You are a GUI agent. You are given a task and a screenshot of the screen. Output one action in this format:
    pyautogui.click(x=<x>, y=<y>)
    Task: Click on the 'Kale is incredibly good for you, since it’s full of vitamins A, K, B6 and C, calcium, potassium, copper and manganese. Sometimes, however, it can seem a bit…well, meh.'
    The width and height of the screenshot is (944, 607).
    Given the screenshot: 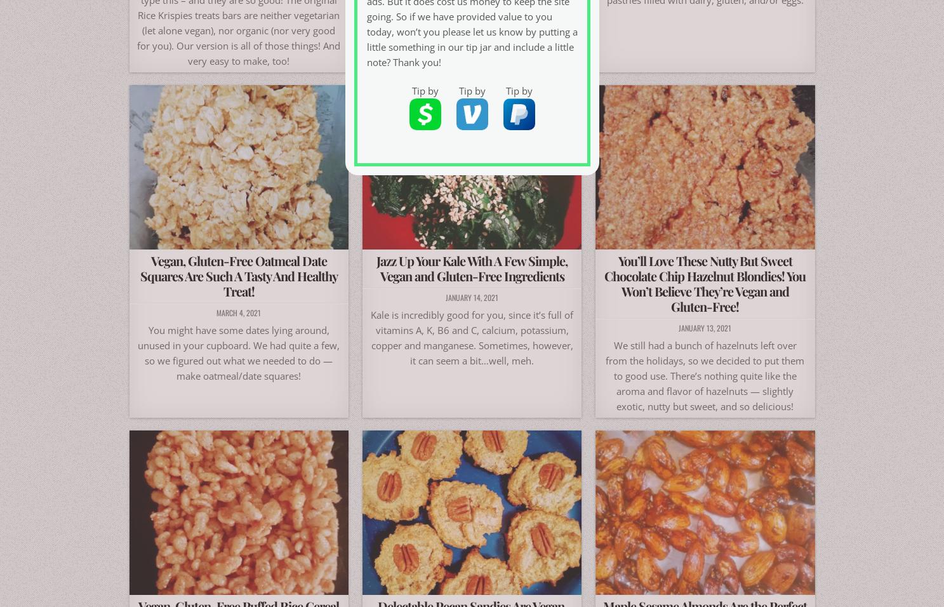 What is the action you would take?
    pyautogui.click(x=471, y=336)
    